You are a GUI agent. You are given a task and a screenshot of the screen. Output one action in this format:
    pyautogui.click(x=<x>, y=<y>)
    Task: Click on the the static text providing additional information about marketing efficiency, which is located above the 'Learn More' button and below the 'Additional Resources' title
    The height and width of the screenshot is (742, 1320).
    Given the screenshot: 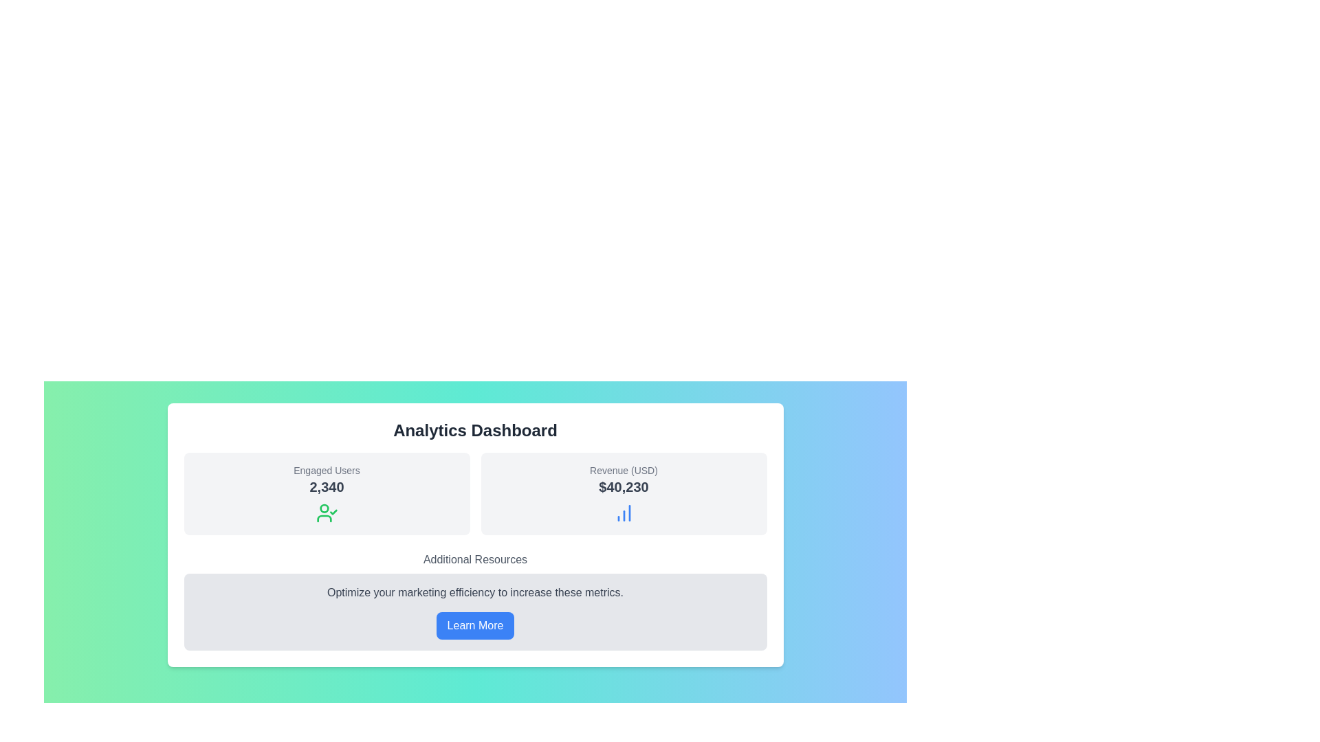 What is the action you would take?
    pyautogui.click(x=475, y=592)
    